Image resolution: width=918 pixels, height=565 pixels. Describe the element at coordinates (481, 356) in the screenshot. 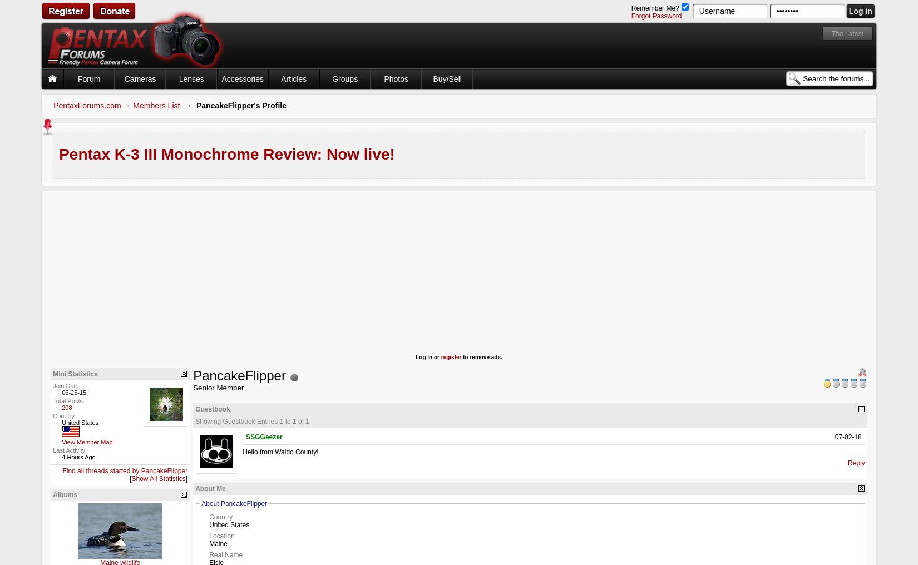

I see `'to remove ads.'` at that location.